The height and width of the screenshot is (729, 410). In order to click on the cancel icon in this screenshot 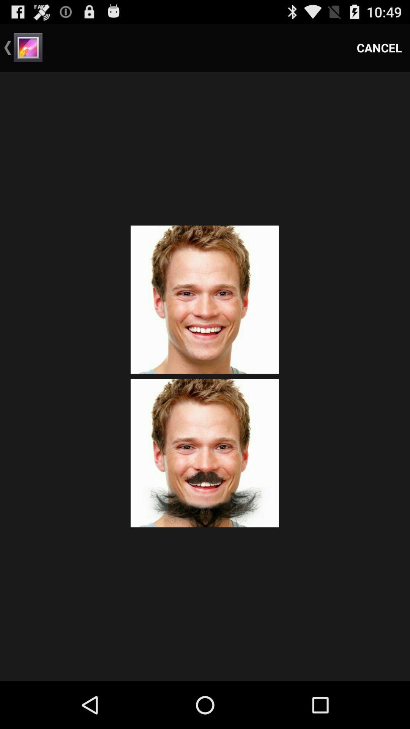, I will do `click(379, 47)`.